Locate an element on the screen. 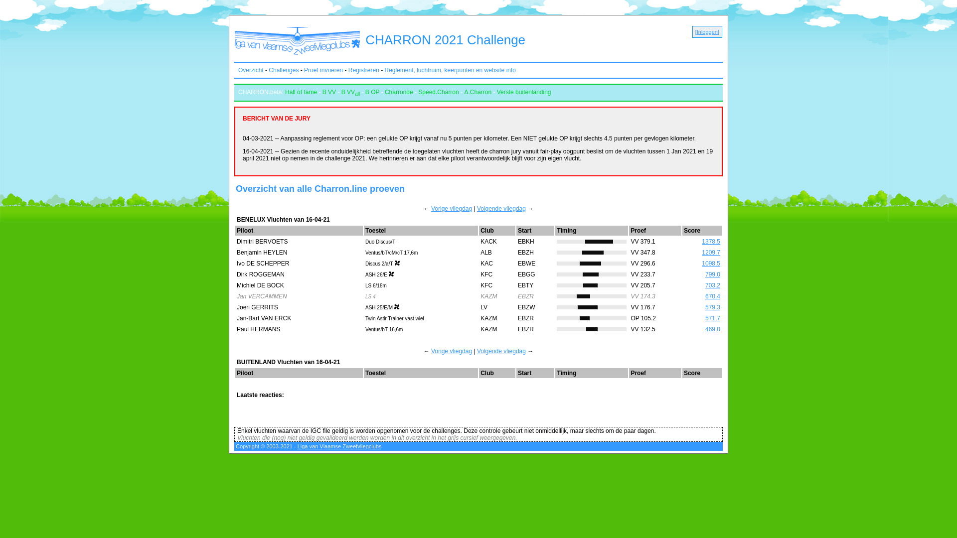 The height and width of the screenshot is (538, 957). 'Begin tijdsbalk: 6:00 UTC, Einde tijdsbalk: 20:00 UTC' is located at coordinates (591, 242).